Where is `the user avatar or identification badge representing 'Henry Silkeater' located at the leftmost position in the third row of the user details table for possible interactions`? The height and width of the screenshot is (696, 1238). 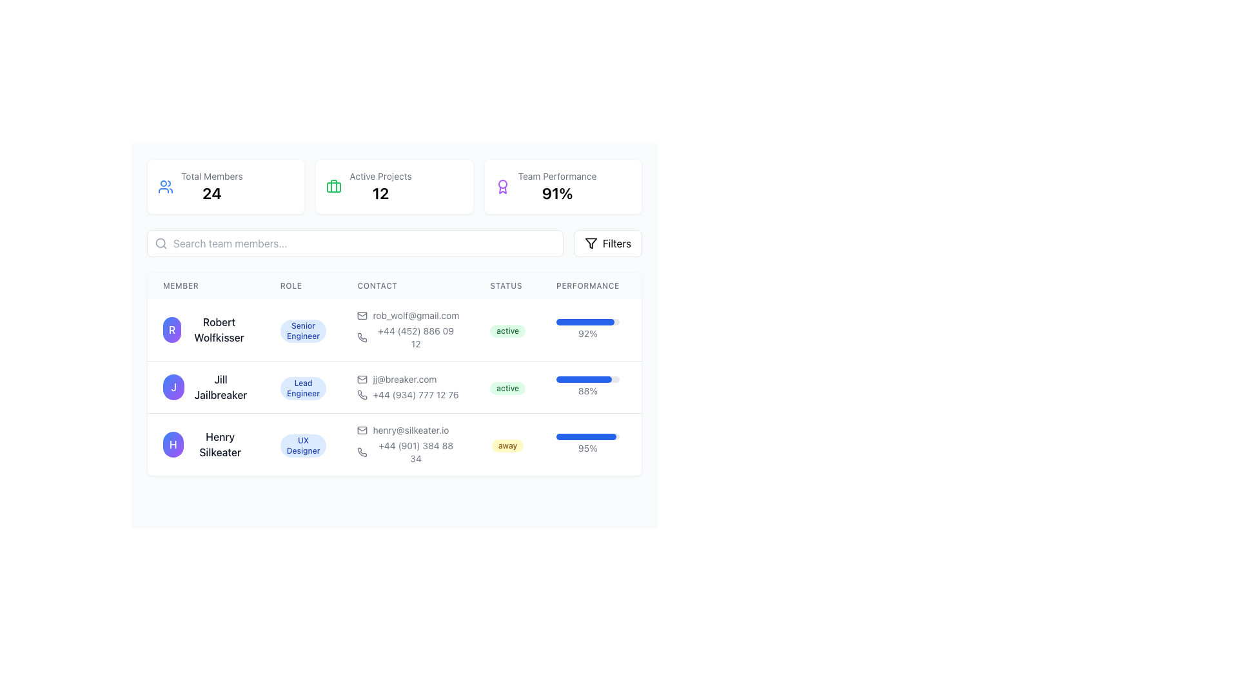 the user avatar or identification badge representing 'Henry Silkeater' located at the leftmost position in the third row of the user details table for possible interactions is located at coordinates (172, 444).